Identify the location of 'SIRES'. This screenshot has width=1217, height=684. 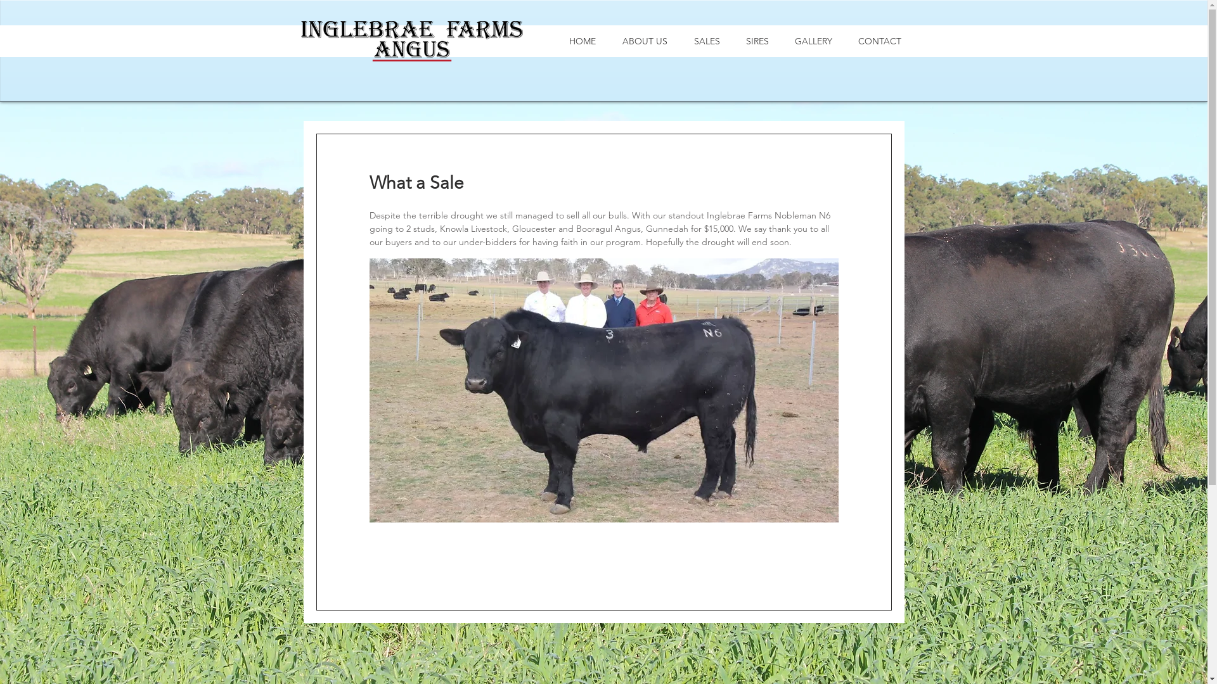
(757, 41).